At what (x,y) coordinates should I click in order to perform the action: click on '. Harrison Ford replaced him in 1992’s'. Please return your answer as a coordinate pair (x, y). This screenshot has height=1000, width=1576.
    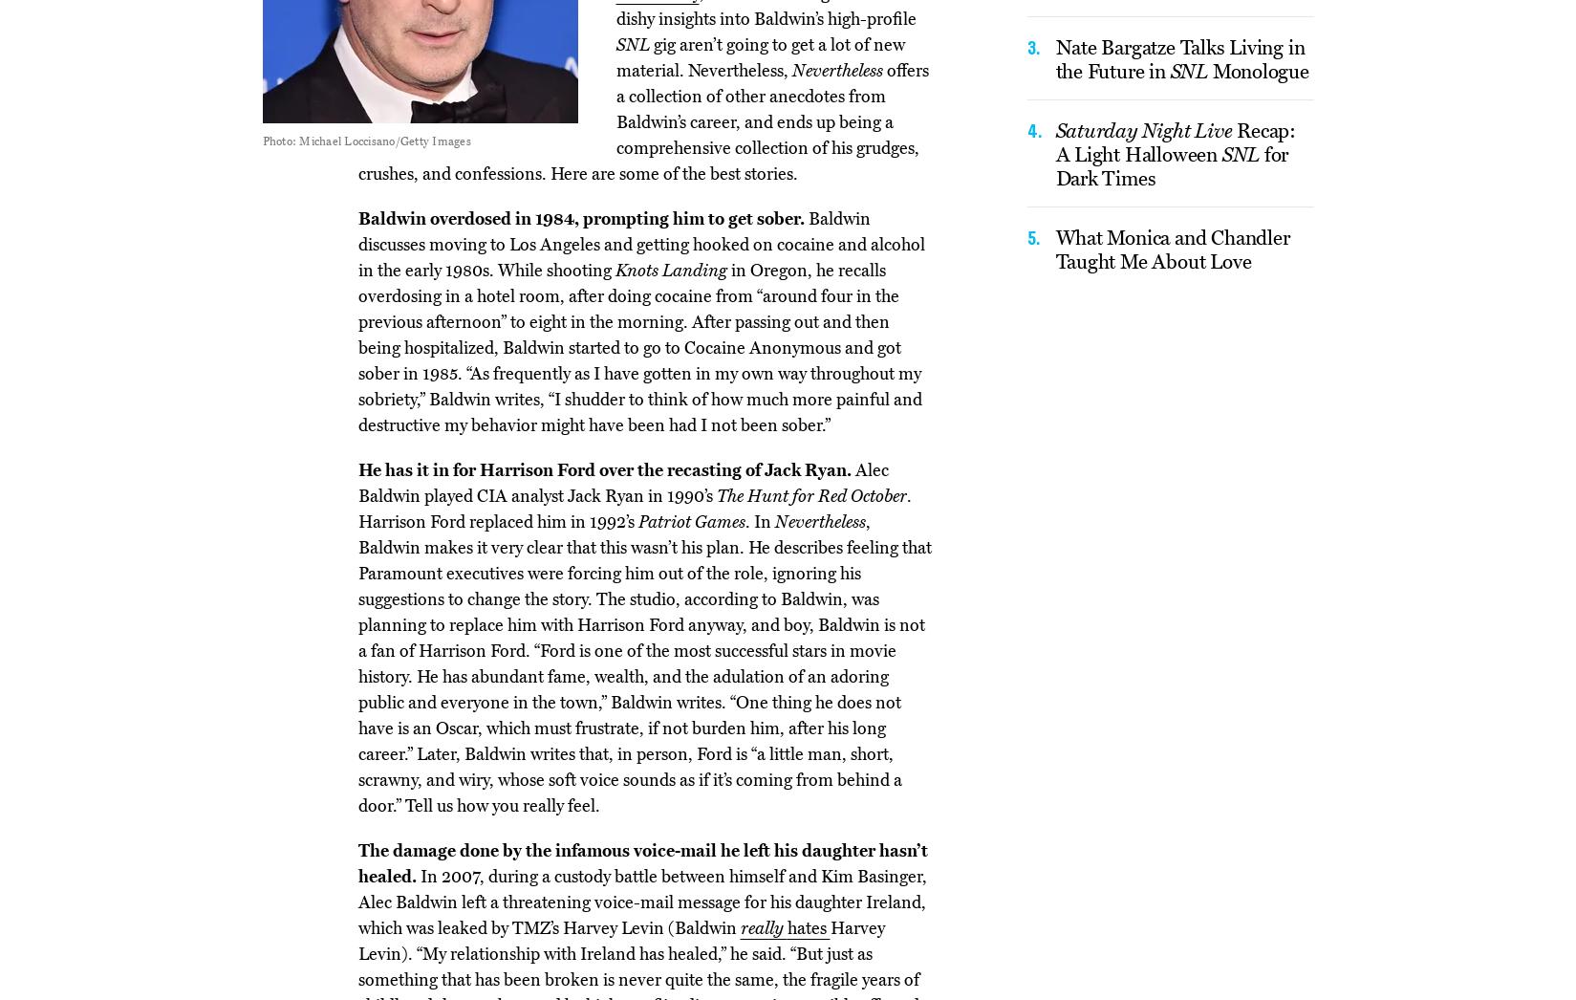
    Looking at the image, I should click on (356, 507).